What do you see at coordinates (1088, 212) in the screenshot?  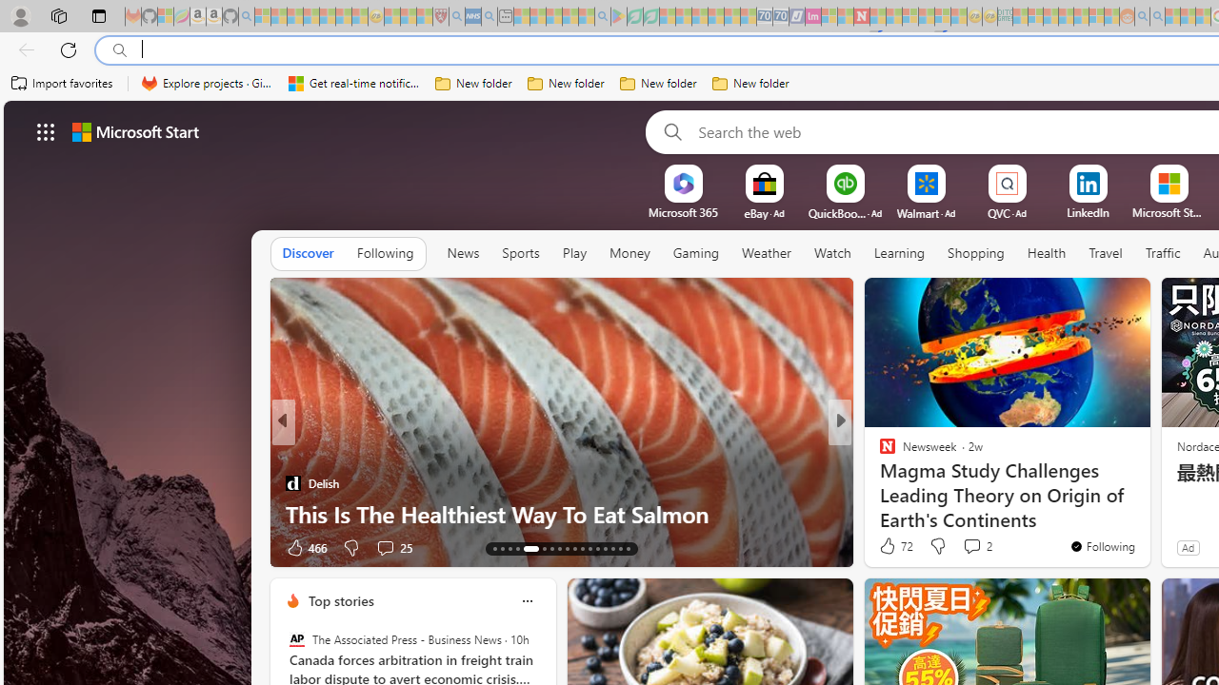 I see `'LinkedIn'` at bounding box center [1088, 212].